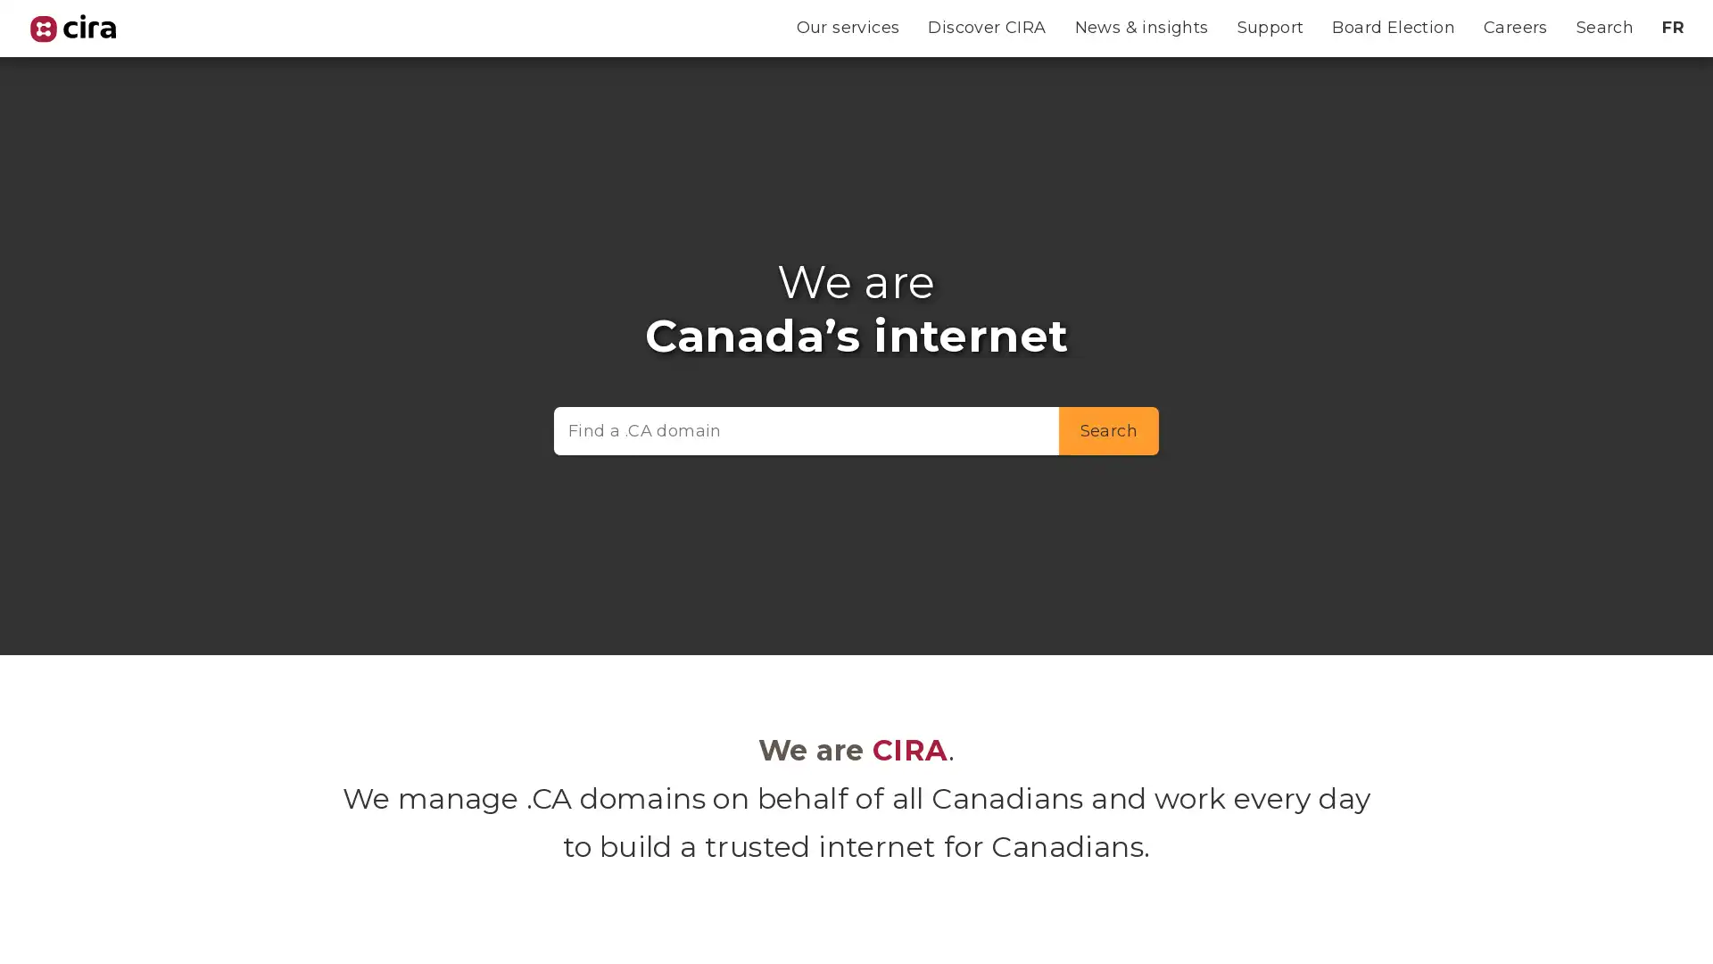 This screenshot has height=964, width=1713. Describe the element at coordinates (1108, 430) in the screenshot. I see `Search` at that location.